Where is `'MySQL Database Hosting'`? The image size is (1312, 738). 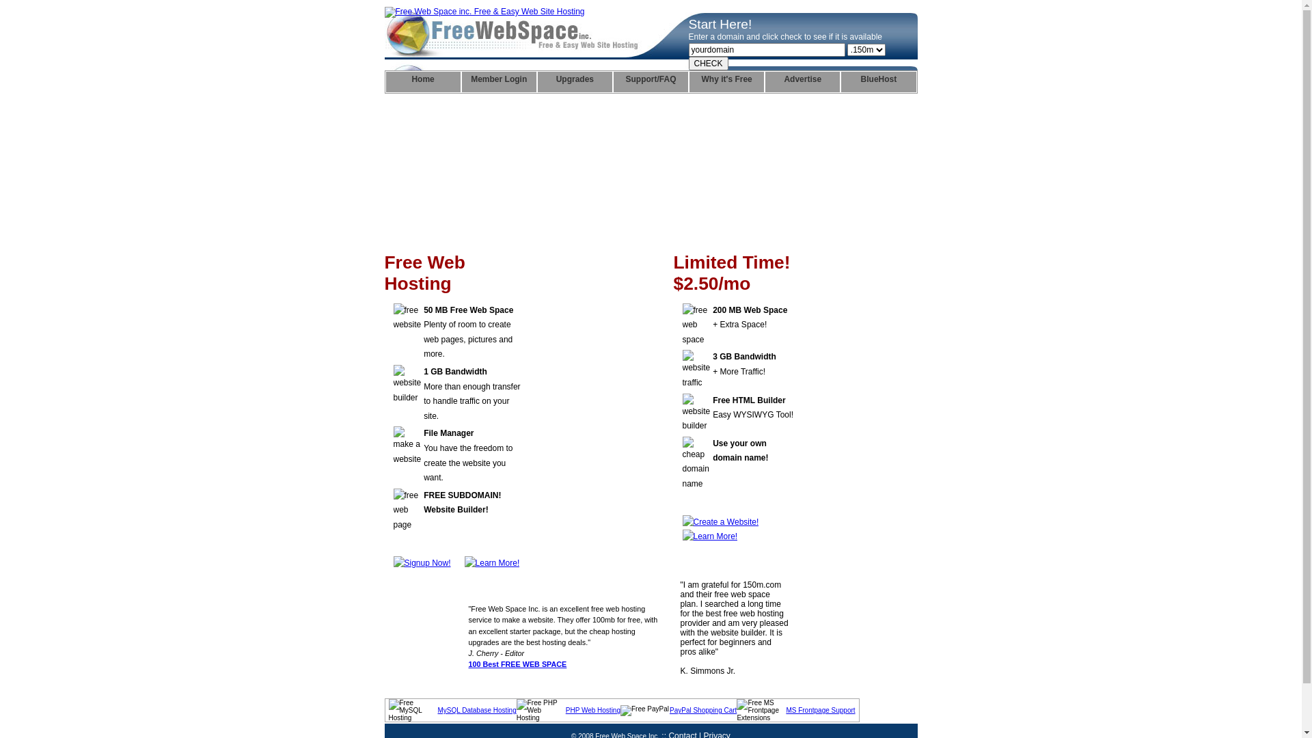 'MySQL Database Hosting' is located at coordinates (476, 709).